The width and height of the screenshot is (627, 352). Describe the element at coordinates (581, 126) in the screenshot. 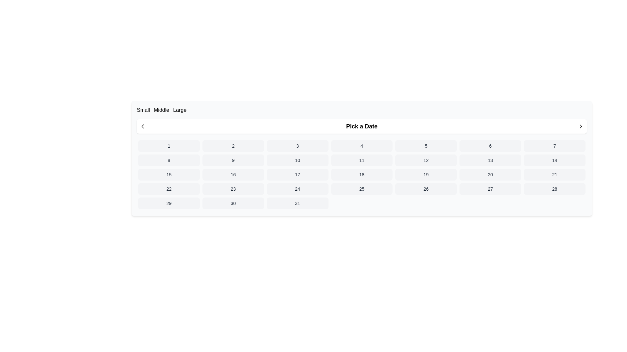

I see `the Chevron Icon located at the far right side of the 'Pick a Date' header section` at that location.